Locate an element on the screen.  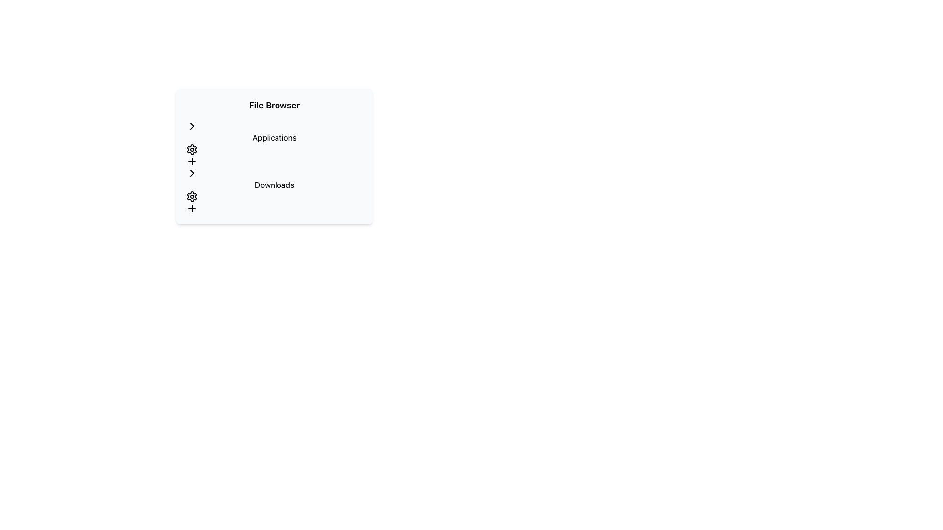
the 'Downloads' text label, which is the second item in a vertical list within the 'File Browser' panel is located at coordinates (274, 191).